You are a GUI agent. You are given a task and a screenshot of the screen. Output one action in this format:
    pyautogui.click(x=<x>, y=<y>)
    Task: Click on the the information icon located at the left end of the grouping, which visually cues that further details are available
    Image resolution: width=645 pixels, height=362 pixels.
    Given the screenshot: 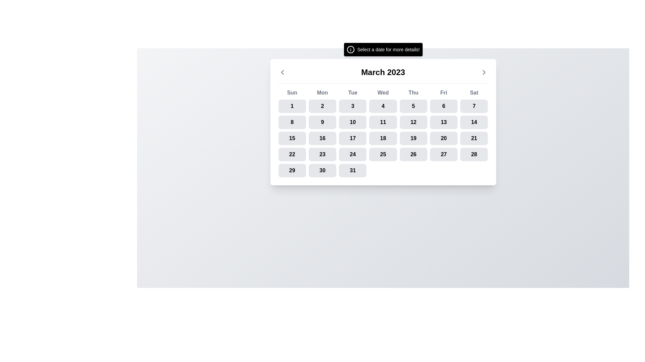 What is the action you would take?
    pyautogui.click(x=350, y=49)
    